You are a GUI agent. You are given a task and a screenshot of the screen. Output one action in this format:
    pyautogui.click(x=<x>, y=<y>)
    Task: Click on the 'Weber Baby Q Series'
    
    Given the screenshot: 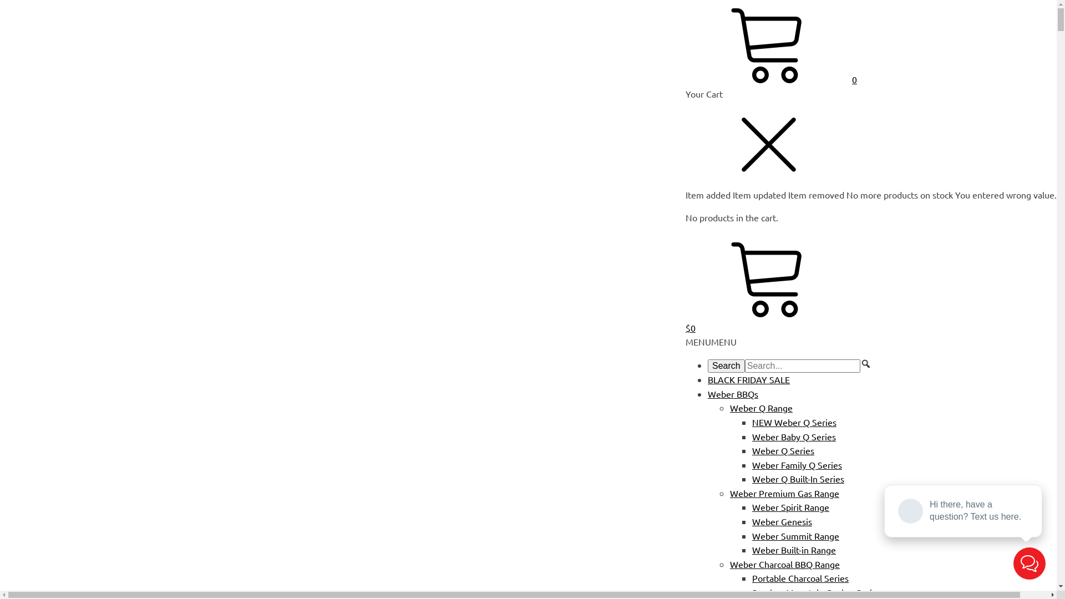 What is the action you would take?
    pyautogui.click(x=752, y=435)
    